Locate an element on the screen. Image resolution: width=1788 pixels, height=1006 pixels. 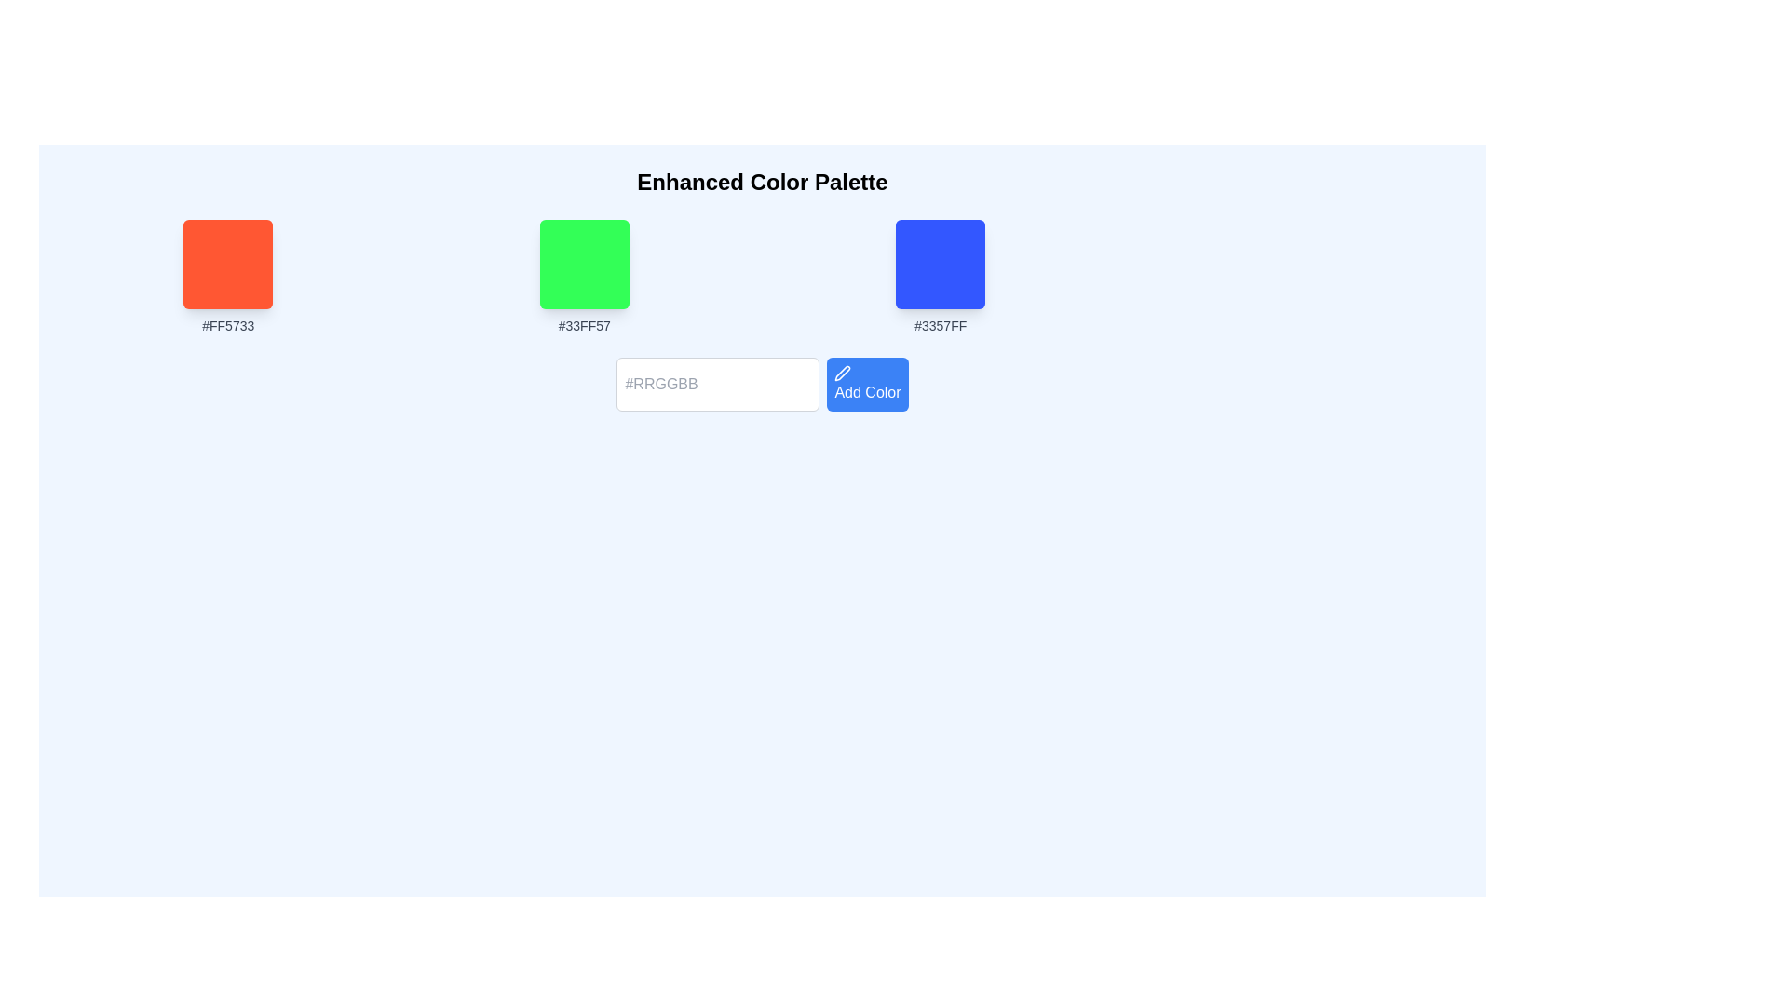
the pen icon located to the left of the 'Add Color' button's text is located at coordinates (842, 374).